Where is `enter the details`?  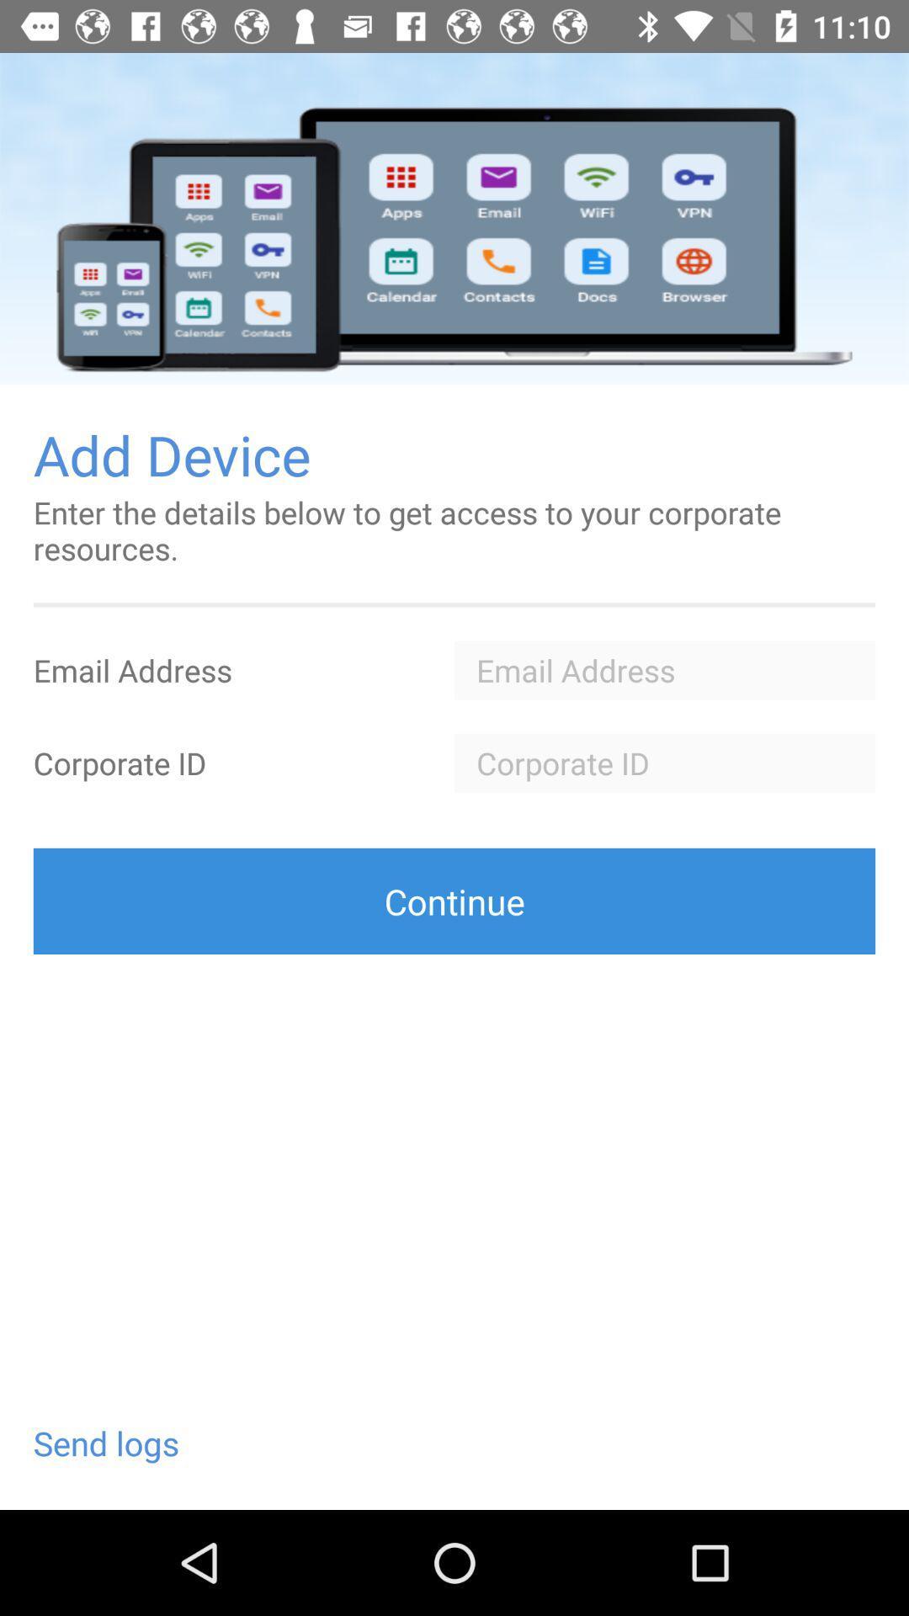 enter the details is located at coordinates (454, 529).